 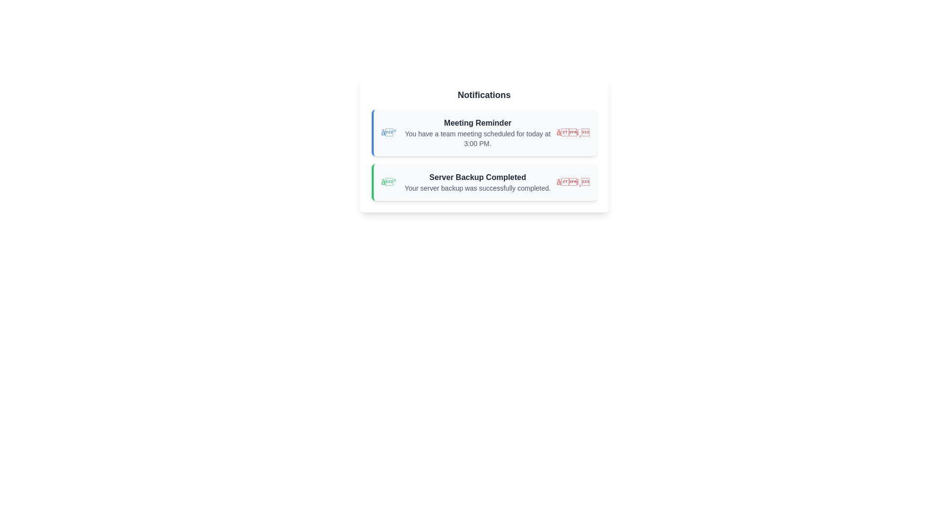 I want to click on text label that serves as a notification message about the scheduled meeting, located under the 'Meeting Reminder' heading in the notification card, so click(x=478, y=138).